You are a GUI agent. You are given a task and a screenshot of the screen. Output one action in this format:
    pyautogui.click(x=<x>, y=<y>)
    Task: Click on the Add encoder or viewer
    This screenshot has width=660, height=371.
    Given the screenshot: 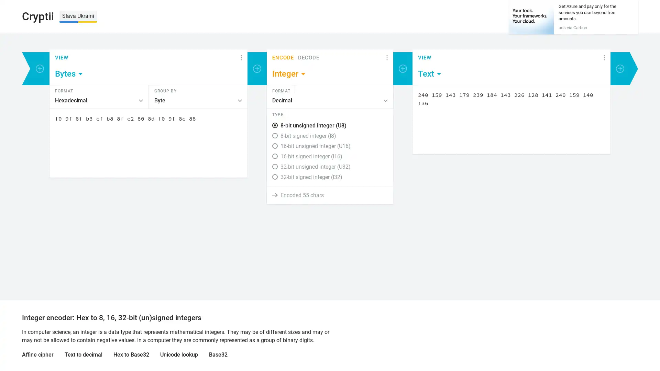 What is the action you would take?
    pyautogui.click(x=257, y=69)
    